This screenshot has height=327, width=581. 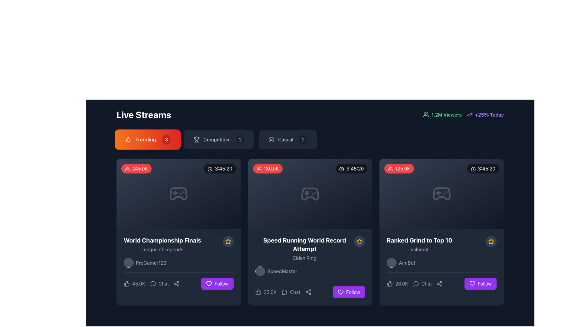 What do you see at coordinates (128, 140) in the screenshot?
I see `the 'Trending' icon located inside the orange button labeled 'Trending', positioned before the text and numeral '3'` at bounding box center [128, 140].